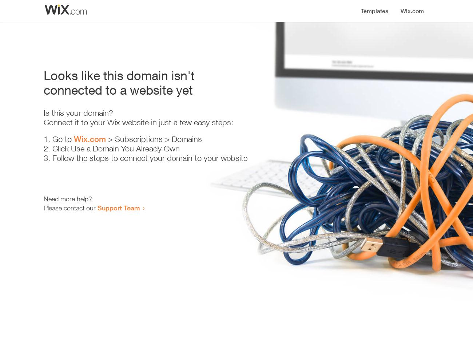  I want to click on 'Go to', so click(63, 139).